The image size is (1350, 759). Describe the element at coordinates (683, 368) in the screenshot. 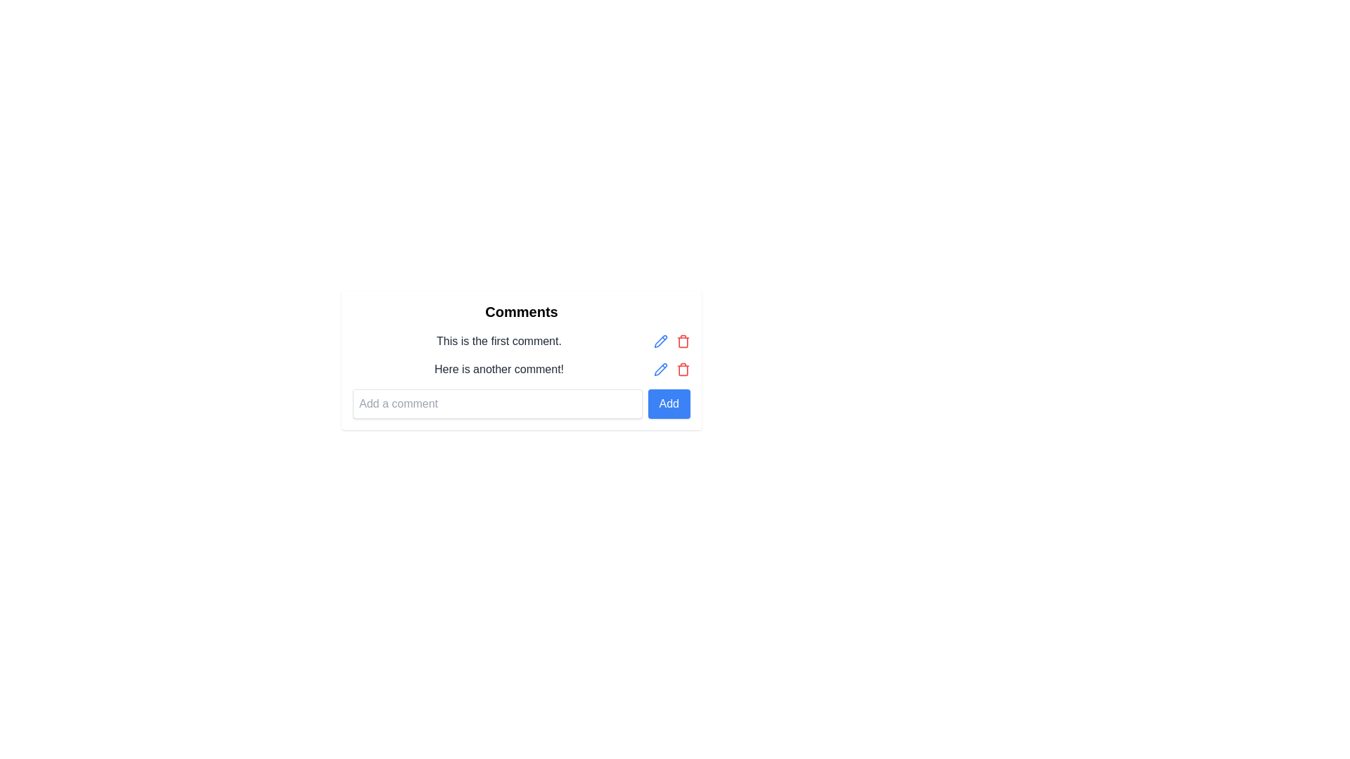

I see `the delete button located in the second row under the comments section, adjacent to the text 'Here is another comment!' and a blue edit icon` at that location.